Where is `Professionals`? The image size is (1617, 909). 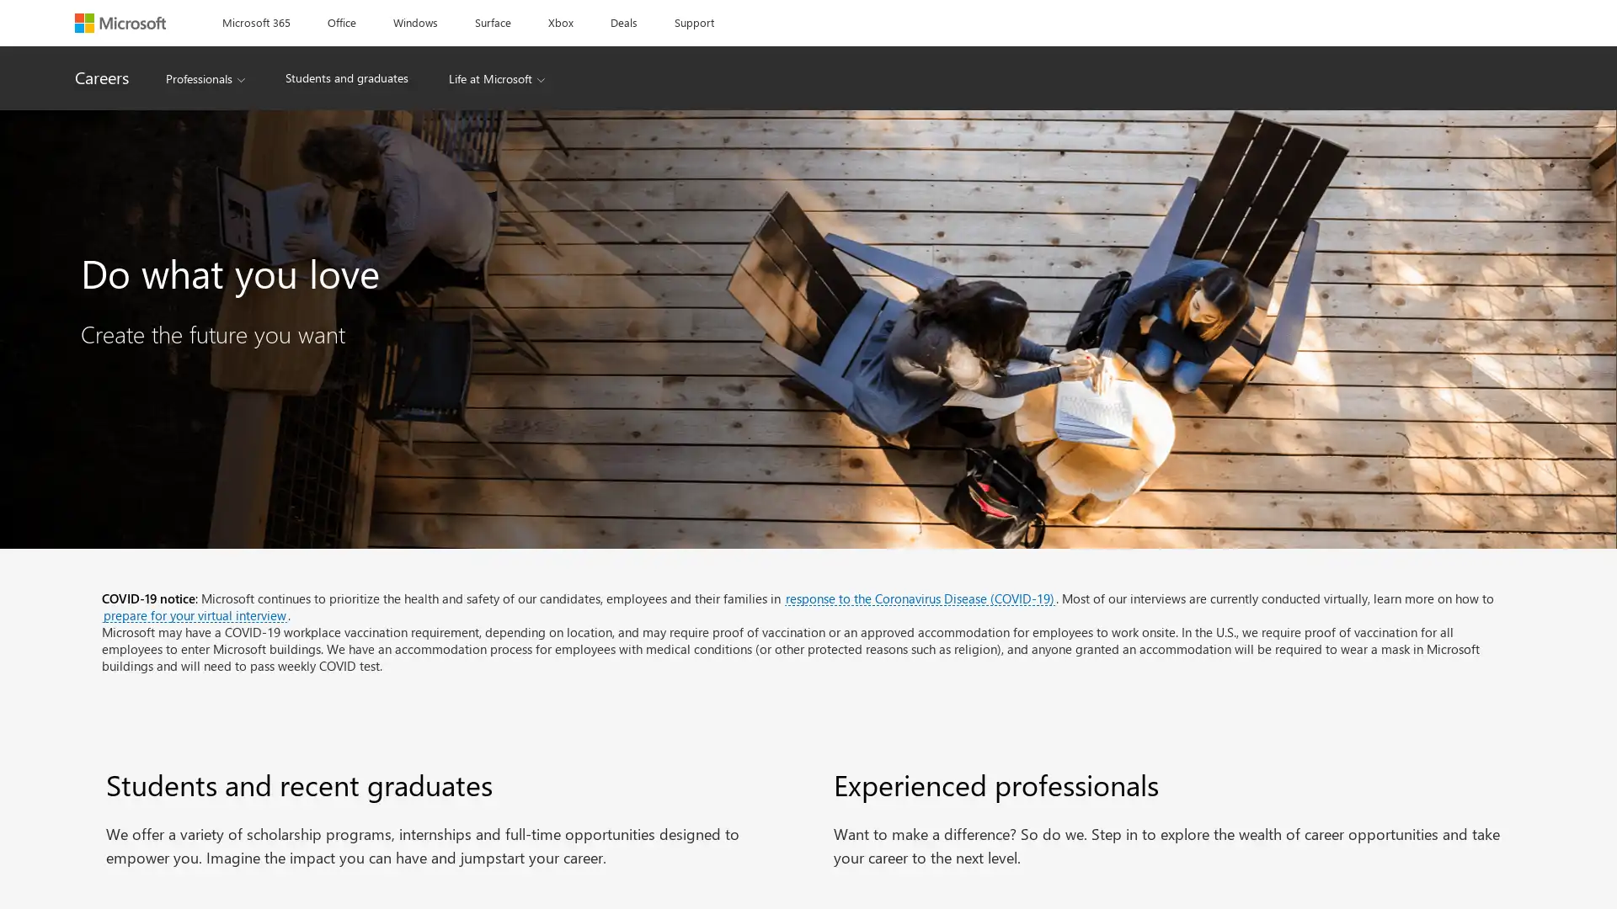
Professionals is located at coordinates (205, 154).